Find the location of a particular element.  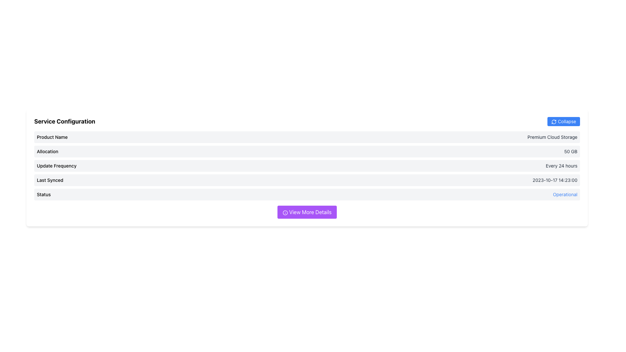

the text element displaying 'Product Name', which is located at the top left of a section with a light gray background and rounded corners is located at coordinates (52, 137).